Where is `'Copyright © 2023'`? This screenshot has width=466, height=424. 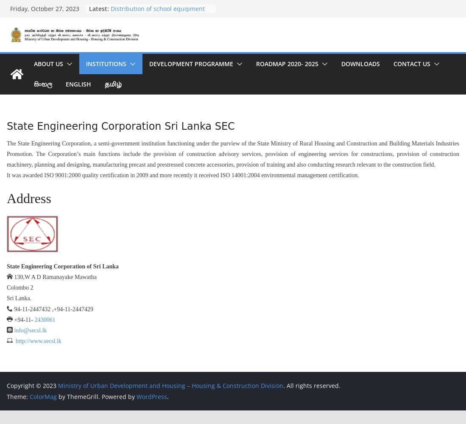
'Copyright © 2023' is located at coordinates (32, 385).